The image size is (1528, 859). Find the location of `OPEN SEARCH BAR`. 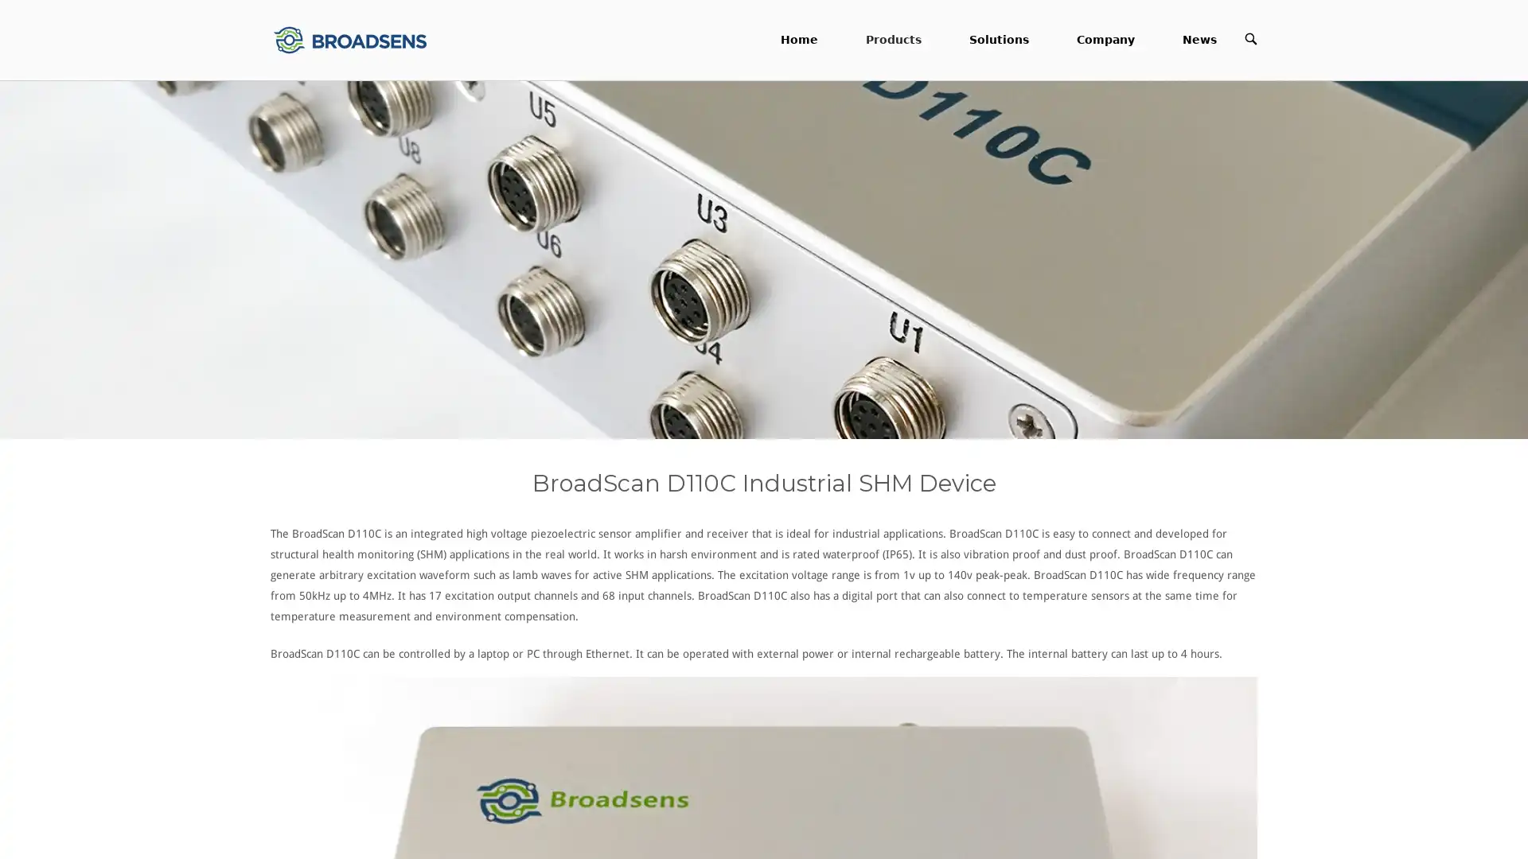

OPEN SEARCH BAR is located at coordinates (1249, 38).